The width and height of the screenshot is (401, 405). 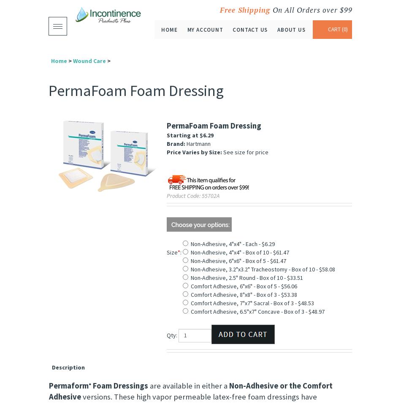 I want to click on 'Non-Adhesive or the Comfort Adhesive', so click(x=190, y=391).